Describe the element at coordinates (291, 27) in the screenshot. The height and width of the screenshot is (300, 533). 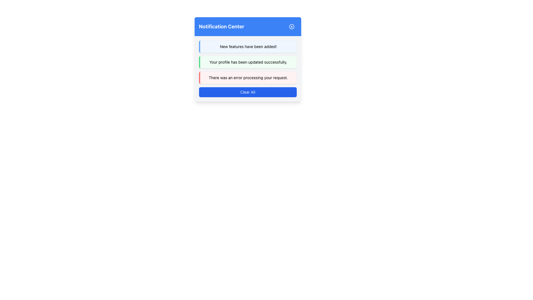
I see `the close button located in the top-right corner of the Notification Center header` at that location.